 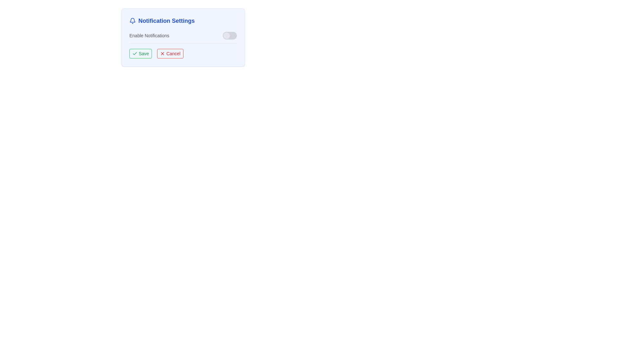 What do you see at coordinates (166, 21) in the screenshot?
I see `the 'Notification Settings' label element, which is displayed in bold blue font and aligned with a bell icon to its left` at bounding box center [166, 21].